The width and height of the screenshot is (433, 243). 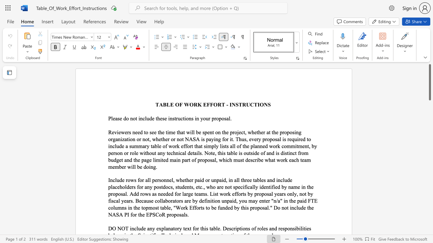 What do you see at coordinates (429, 114) in the screenshot?
I see `the side scrollbar to bring the page down` at bounding box center [429, 114].